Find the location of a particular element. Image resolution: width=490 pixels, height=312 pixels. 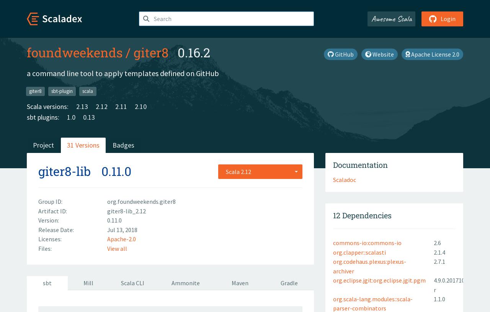

'Gradle' is located at coordinates (289, 283).